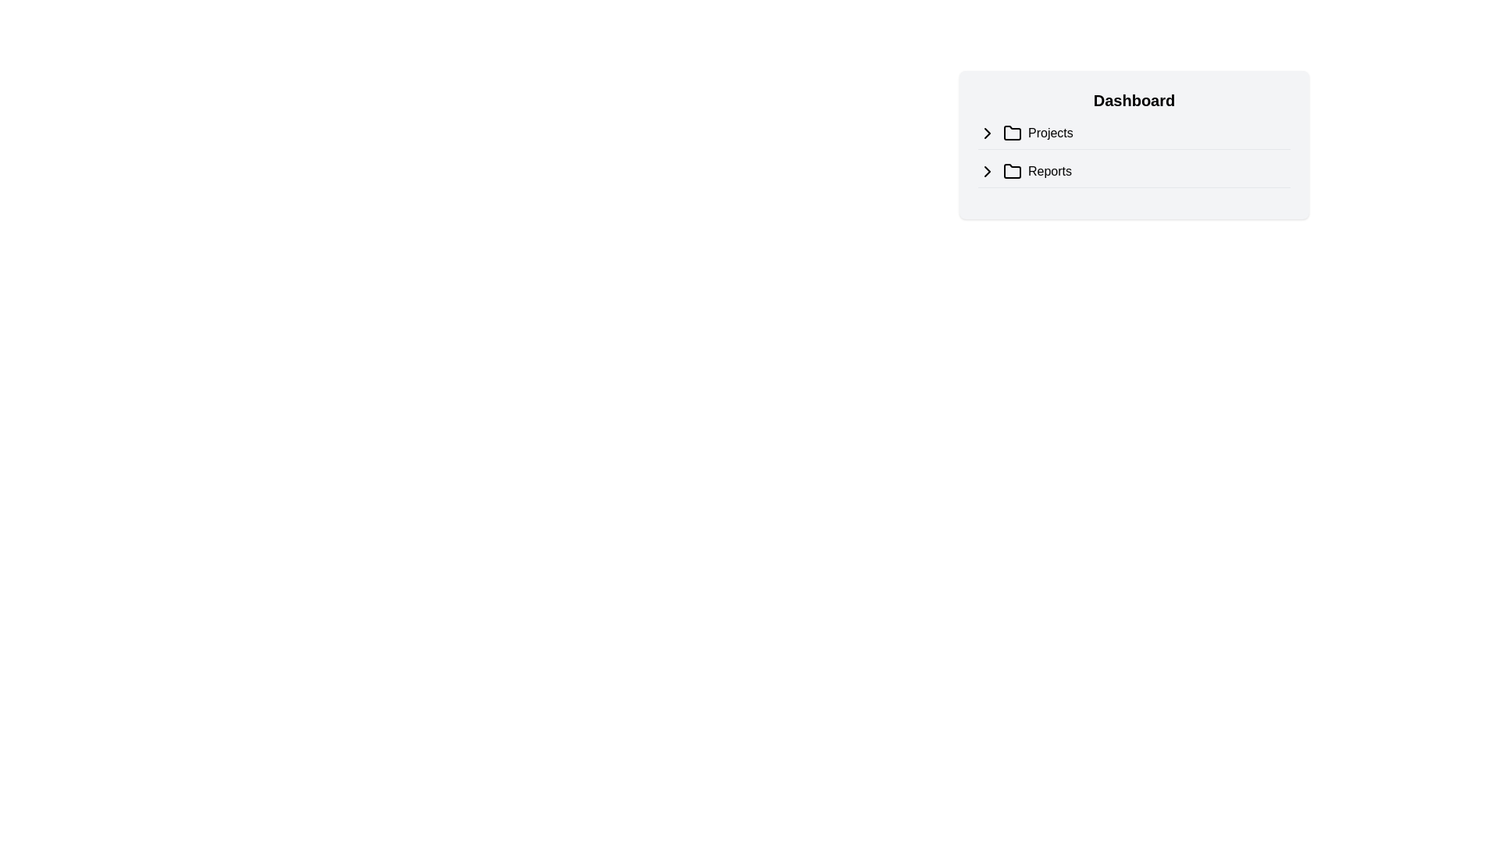 Image resolution: width=1499 pixels, height=843 pixels. What do you see at coordinates (1134, 171) in the screenshot?
I see `the second item in the group under the 'Dashboard' section, which navigates to the 'Reports' section` at bounding box center [1134, 171].